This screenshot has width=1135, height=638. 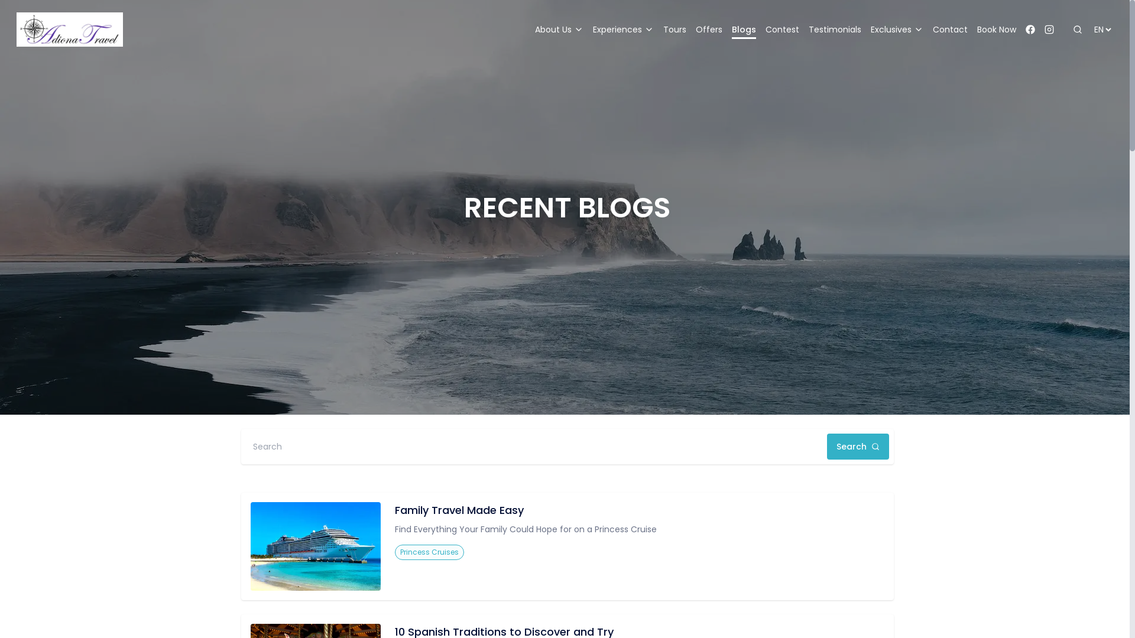 What do you see at coordinates (782, 29) in the screenshot?
I see `'Contest'` at bounding box center [782, 29].